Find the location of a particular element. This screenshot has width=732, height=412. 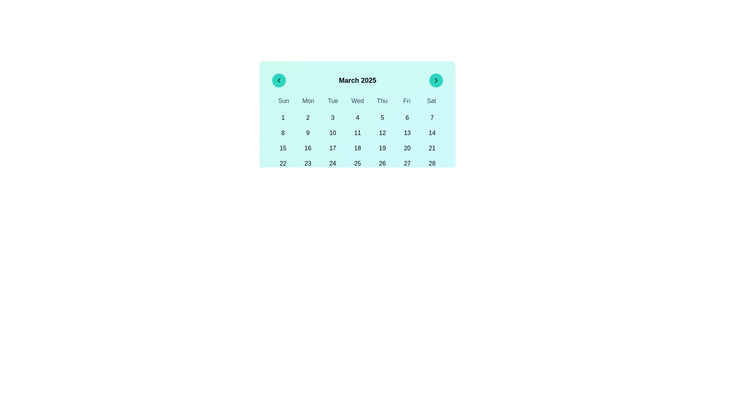

the Interactive calendar day button representing the date 'March 9, 2025' is located at coordinates (308, 132).